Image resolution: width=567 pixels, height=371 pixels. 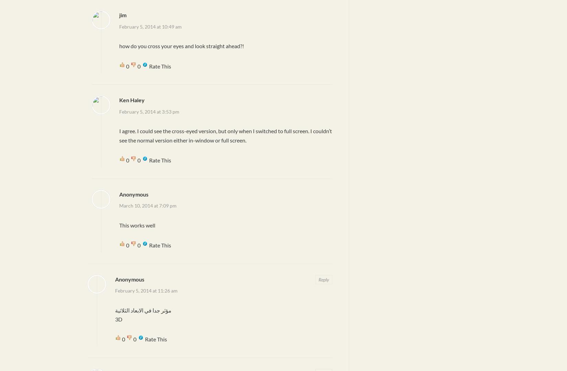 I want to click on 'I agree.  I could see the cross-eyed version, but only when I switched to full screen.  I couldn’t see the normal version either in-window or full screen.', so click(x=225, y=135).